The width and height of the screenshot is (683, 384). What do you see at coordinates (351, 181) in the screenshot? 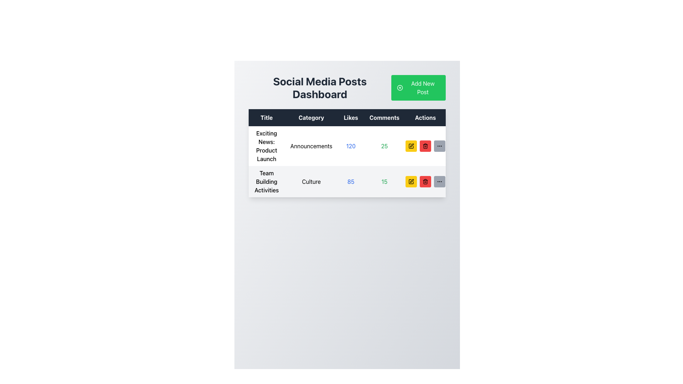
I see `numeric value '85' displayed in blue text within the third column of the 'Team Building Activities' row in the data table` at bounding box center [351, 181].